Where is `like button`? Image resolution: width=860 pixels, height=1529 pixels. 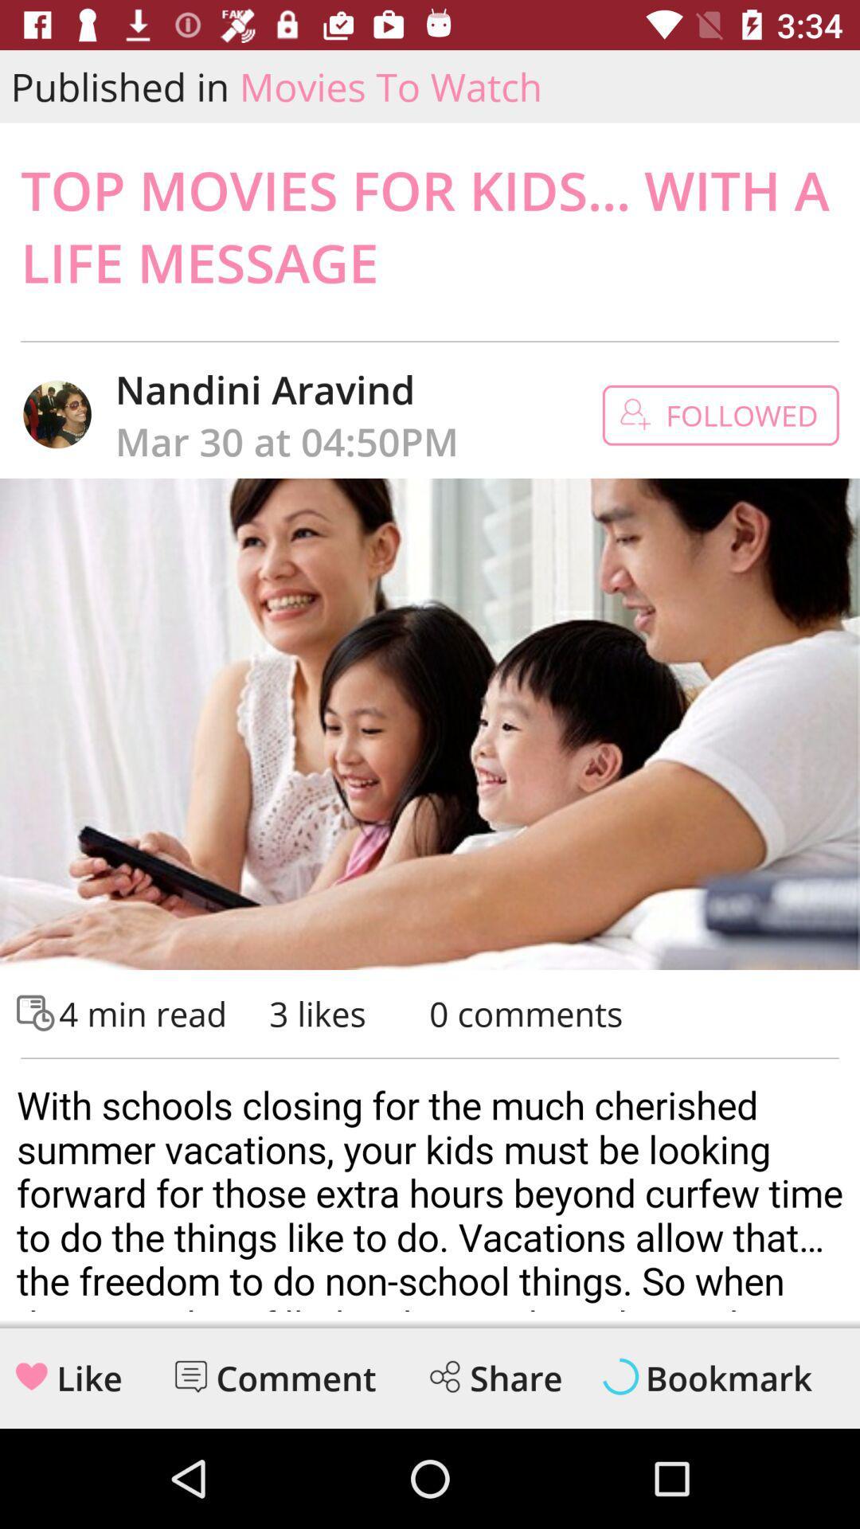
like button is located at coordinates (89, 1378).